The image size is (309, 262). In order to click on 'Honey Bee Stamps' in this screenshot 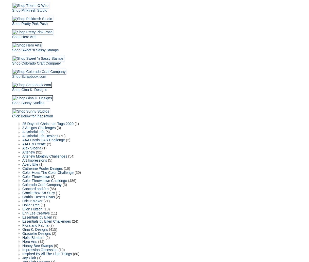, I will do `click(37, 245)`.